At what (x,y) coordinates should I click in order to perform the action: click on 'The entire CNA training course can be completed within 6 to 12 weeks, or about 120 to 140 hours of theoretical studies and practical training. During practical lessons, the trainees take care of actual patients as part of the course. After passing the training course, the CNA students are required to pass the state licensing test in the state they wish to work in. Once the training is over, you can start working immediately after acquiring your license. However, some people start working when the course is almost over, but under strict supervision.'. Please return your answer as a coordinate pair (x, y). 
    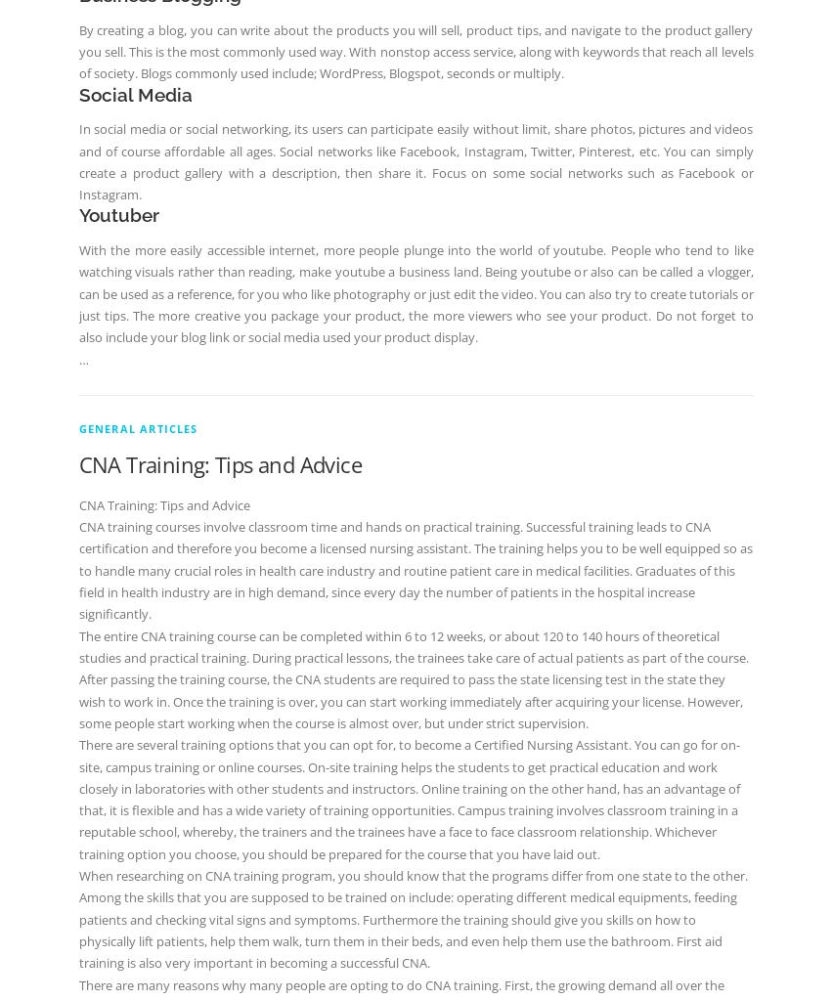
    Looking at the image, I should click on (412, 677).